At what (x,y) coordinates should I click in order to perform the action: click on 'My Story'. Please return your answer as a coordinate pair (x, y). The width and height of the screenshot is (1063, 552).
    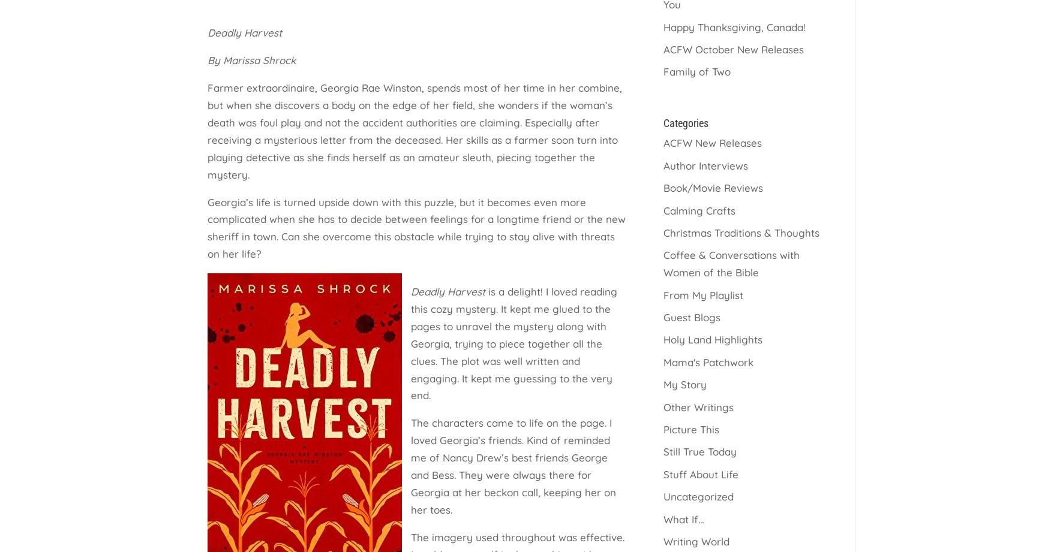
    Looking at the image, I should click on (663, 384).